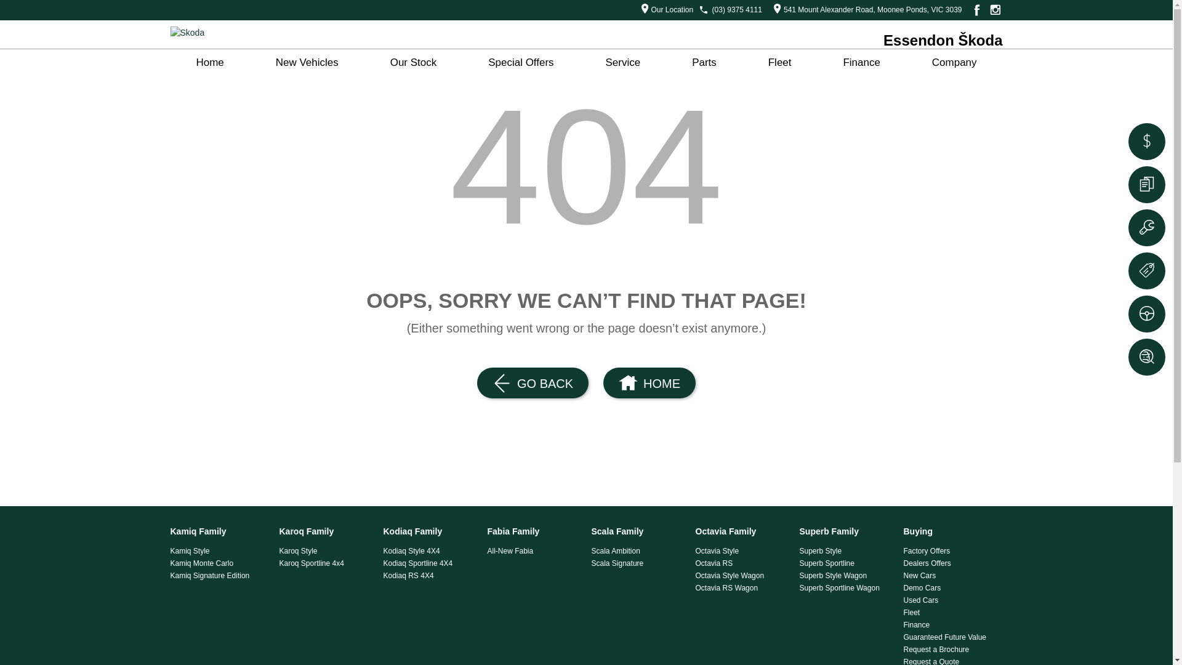  What do you see at coordinates (950, 550) in the screenshot?
I see `'Factory Offers'` at bounding box center [950, 550].